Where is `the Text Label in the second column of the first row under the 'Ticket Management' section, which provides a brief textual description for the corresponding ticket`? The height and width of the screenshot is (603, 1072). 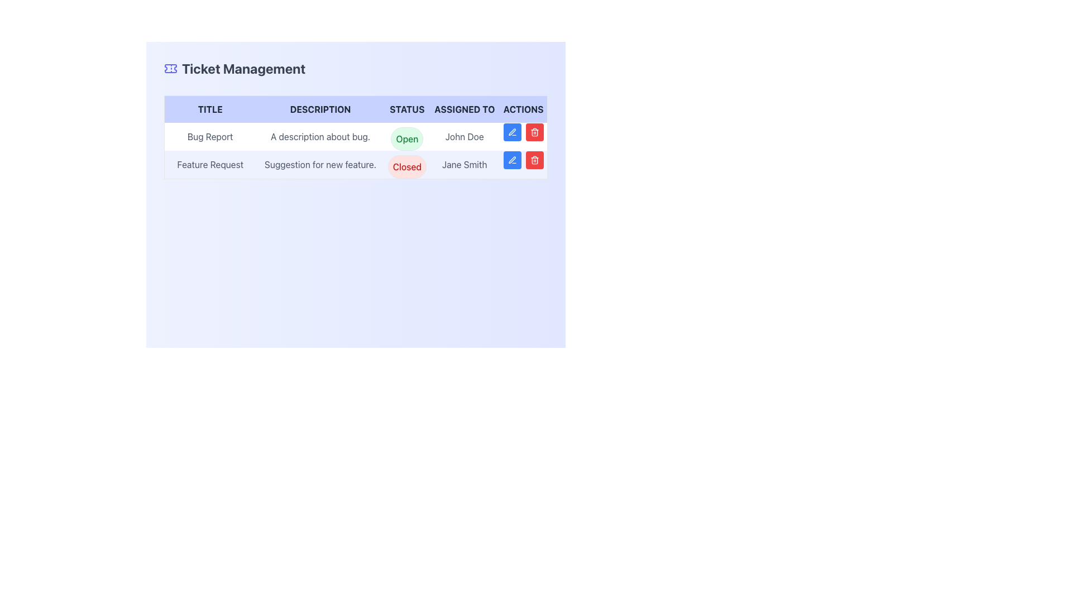 the Text Label in the second column of the first row under the 'Ticket Management' section, which provides a brief textual description for the corresponding ticket is located at coordinates (320, 136).